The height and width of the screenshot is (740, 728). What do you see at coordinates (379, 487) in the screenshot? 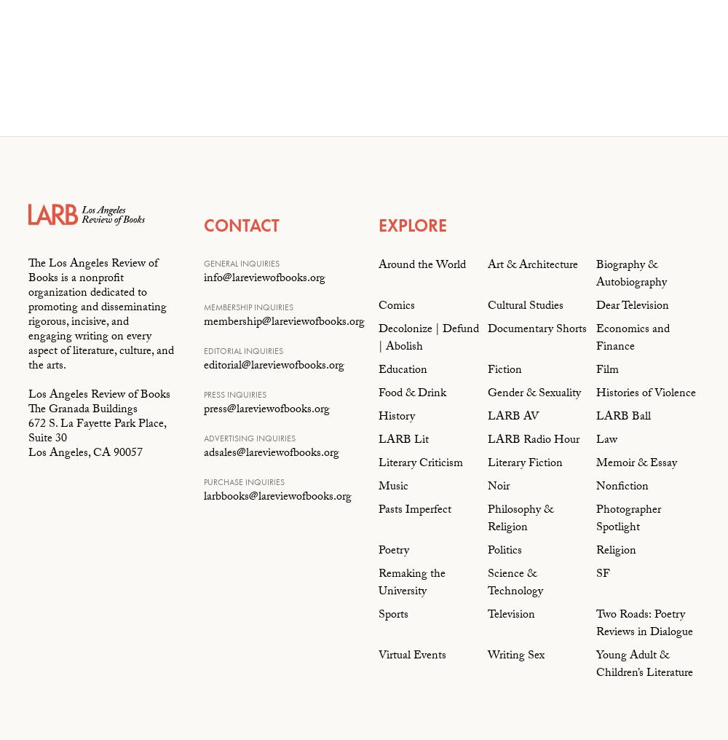
I see `'Music'` at bounding box center [379, 487].